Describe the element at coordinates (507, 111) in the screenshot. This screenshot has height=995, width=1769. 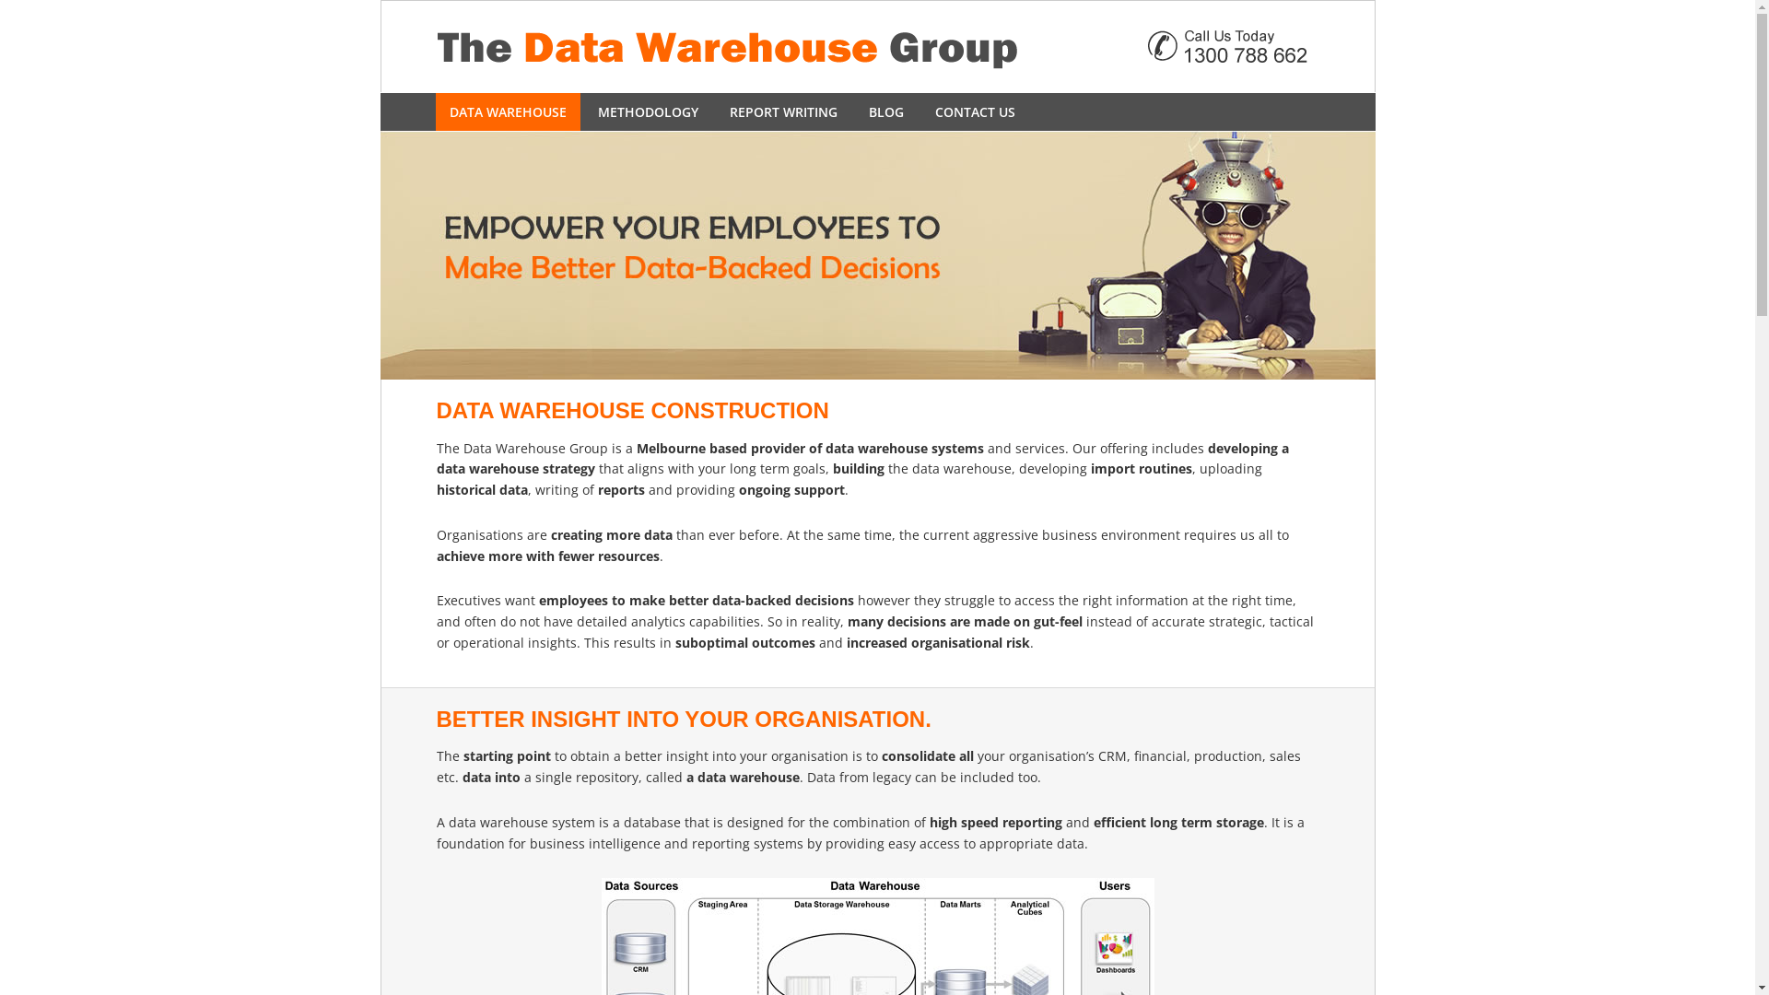
I see `'DATA WAREHOUSE'` at that location.